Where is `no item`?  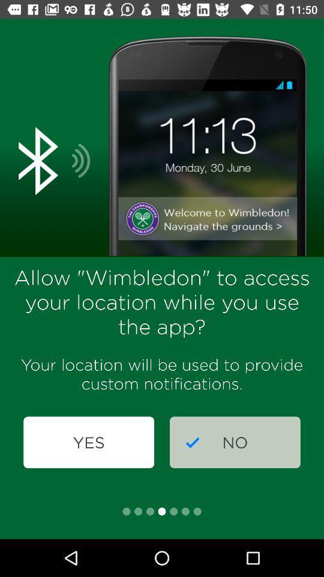 no item is located at coordinates (235, 442).